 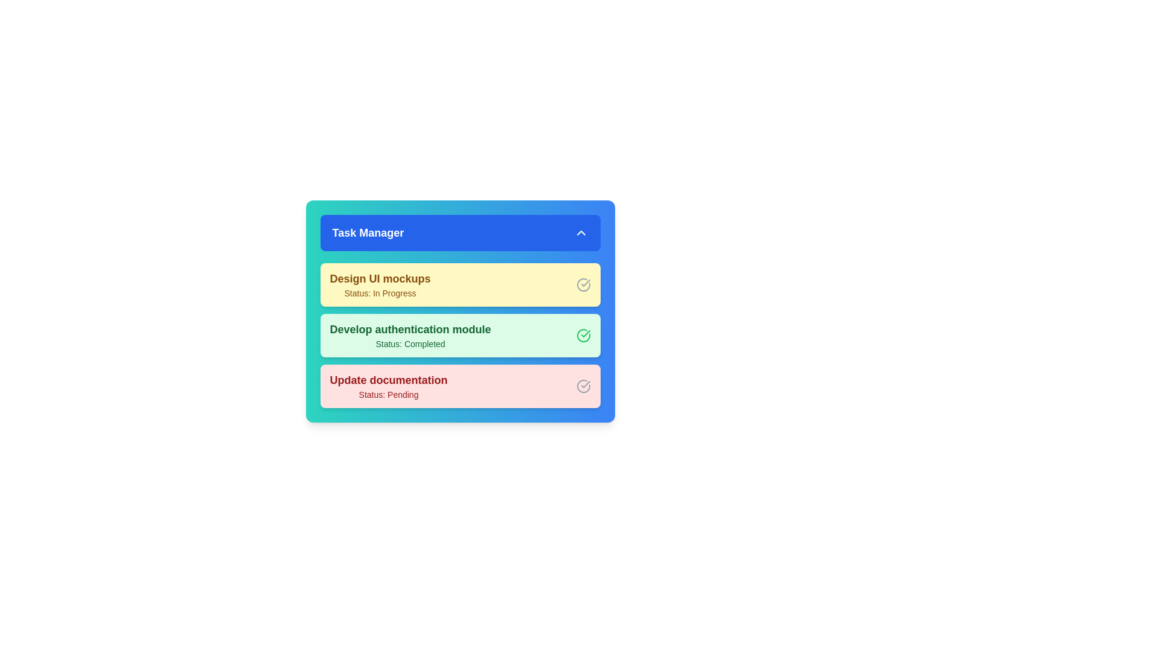 What do you see at coordinates (583, 386) in the screenshot?
I see `the status icon of the task with name Update documentation` at bounding box center [583, 386].